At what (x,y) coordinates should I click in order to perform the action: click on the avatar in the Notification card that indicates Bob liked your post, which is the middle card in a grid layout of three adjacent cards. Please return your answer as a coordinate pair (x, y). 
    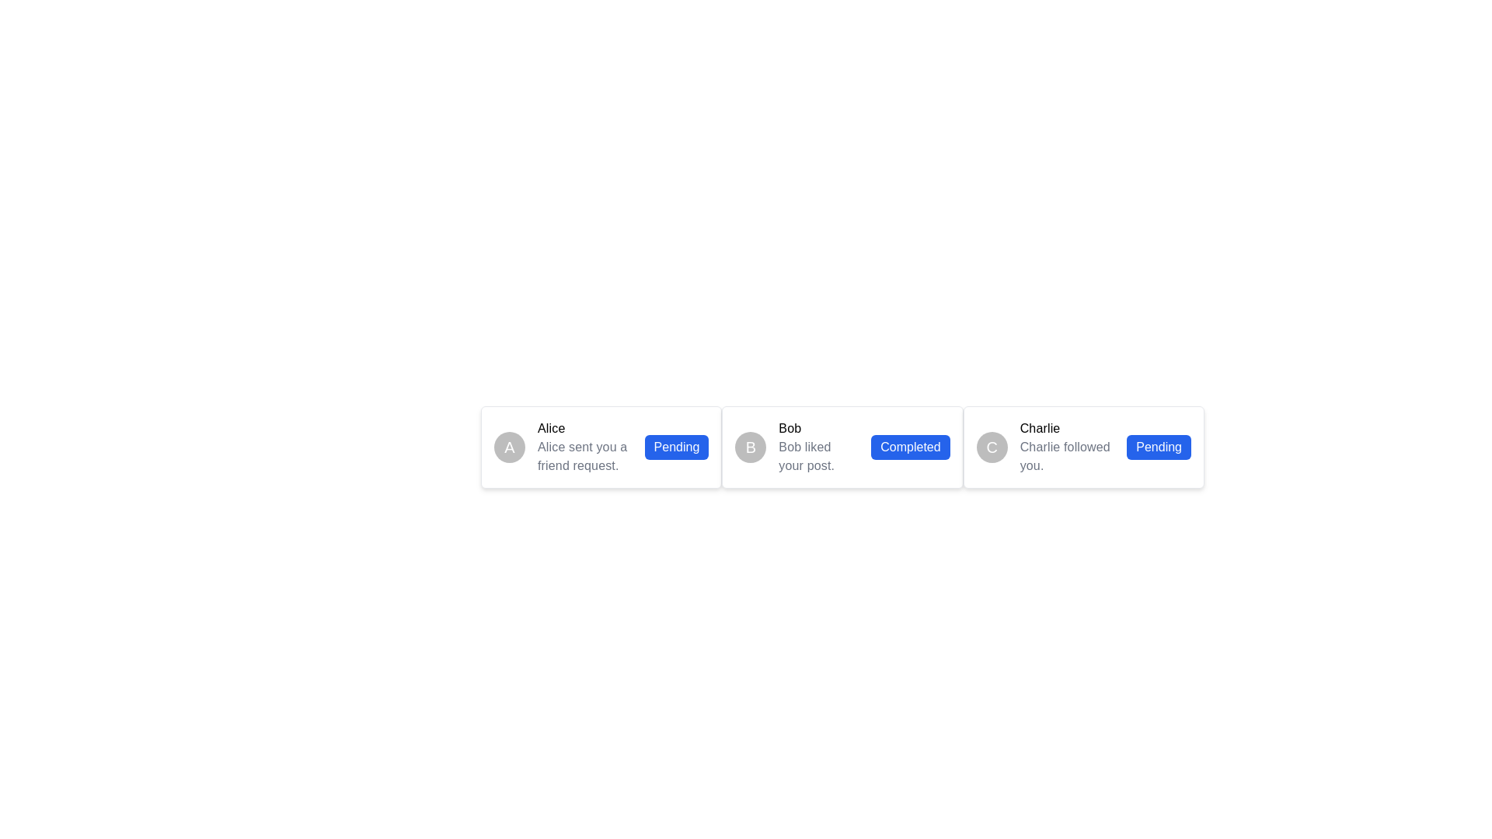
    Looking at the image, I should click on (842, 447).